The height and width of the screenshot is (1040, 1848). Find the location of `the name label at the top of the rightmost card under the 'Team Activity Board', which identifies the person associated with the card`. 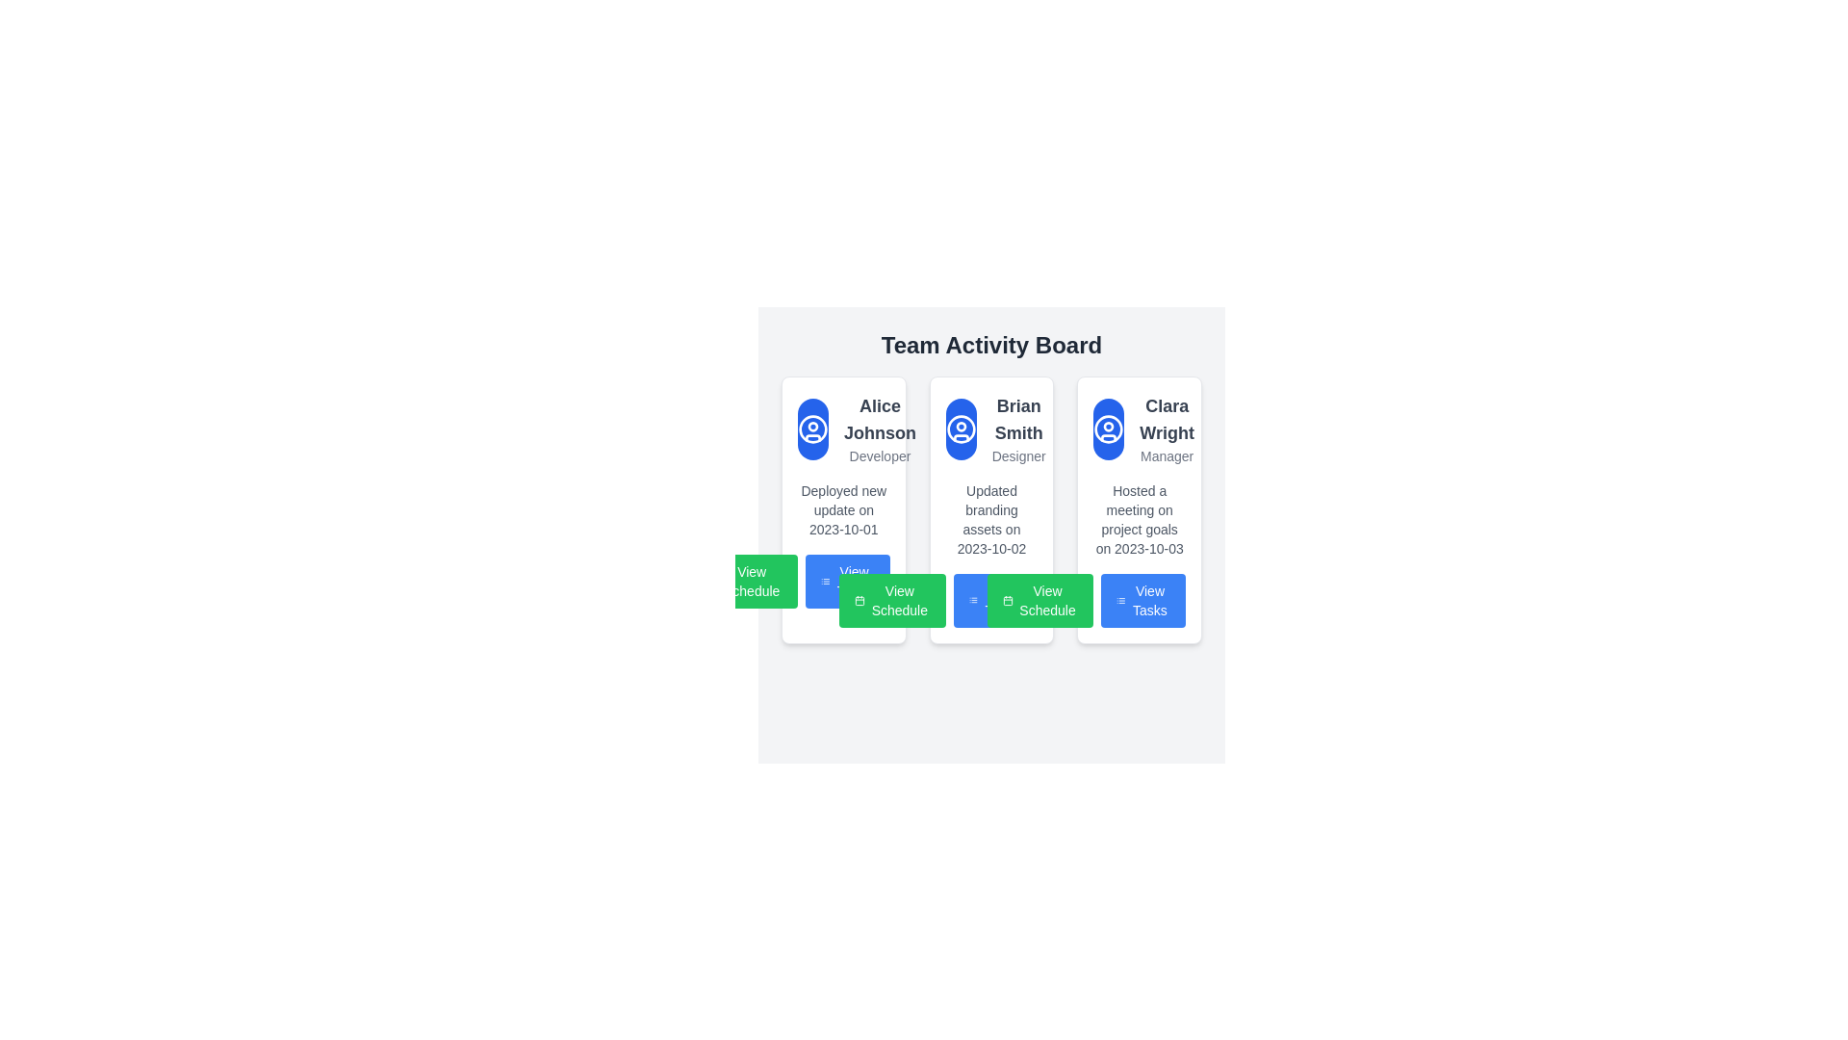

the name label at the top of the rightmost card under the 'Team Activity Board', which identifies the person associated with the card is located at coordinates (1166, 418).